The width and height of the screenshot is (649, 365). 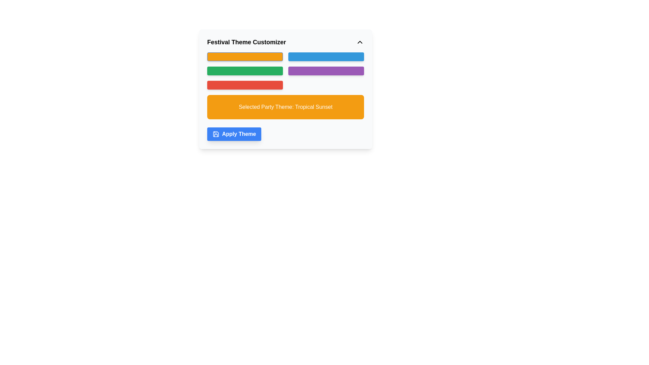 I want to click on the text element titled 'Festival Theme Customizer' located at the top of the interface, so click(x=285, y=42).